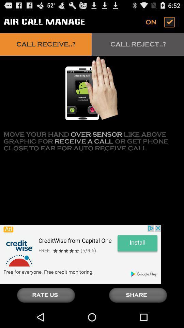 The width and height of the screenshot is (184, 328). I want to click on click advertisement, so click(80, 254).